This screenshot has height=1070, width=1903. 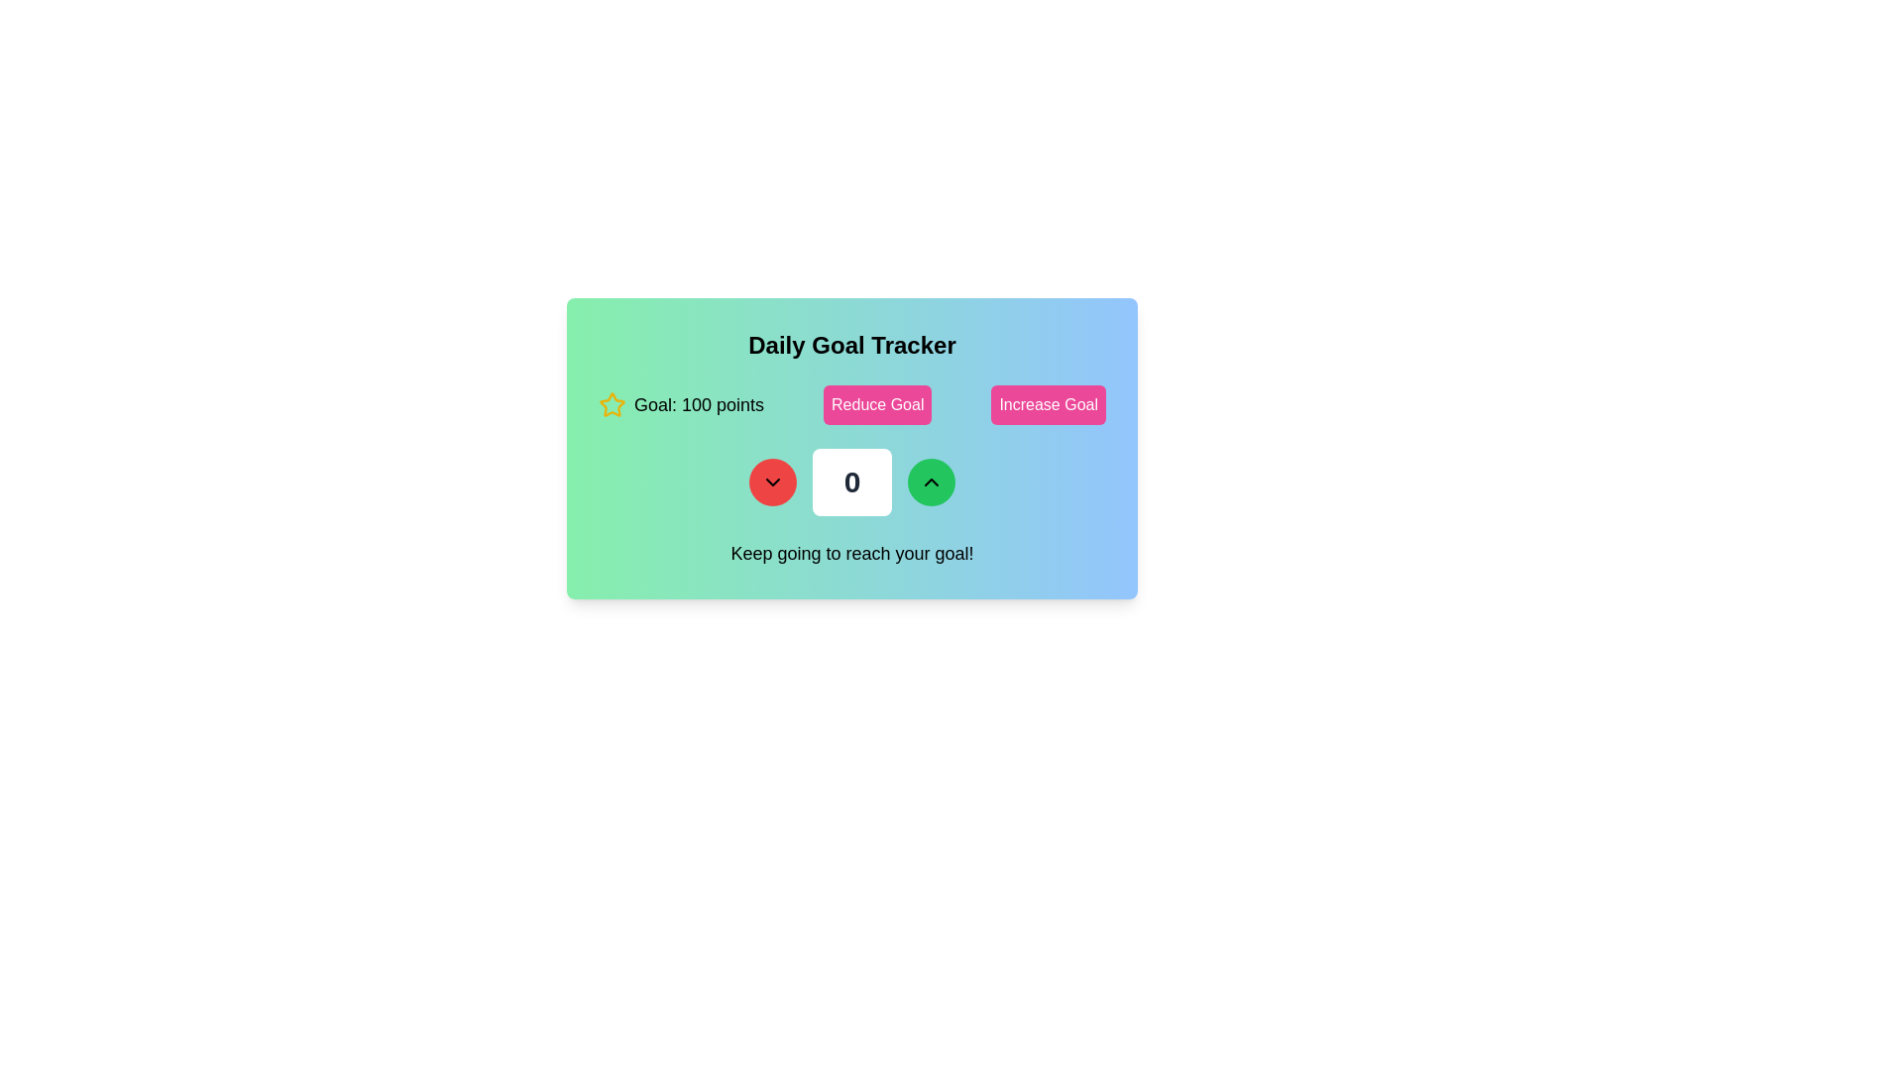 What do you see at coordinates (699, 403) in the screenshot?
I see `the Text Display element that shows the current user goal, specifically the target points to be reached, located immediately to the right of a small yellow star icon` at bounding box center [699, 403].